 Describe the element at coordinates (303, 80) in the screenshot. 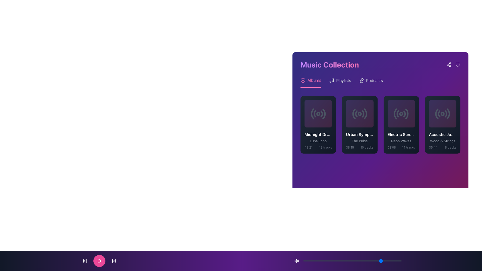

I see `the center of the Circular Icon located in the top-left of the 'Music Collection' section` at that location.